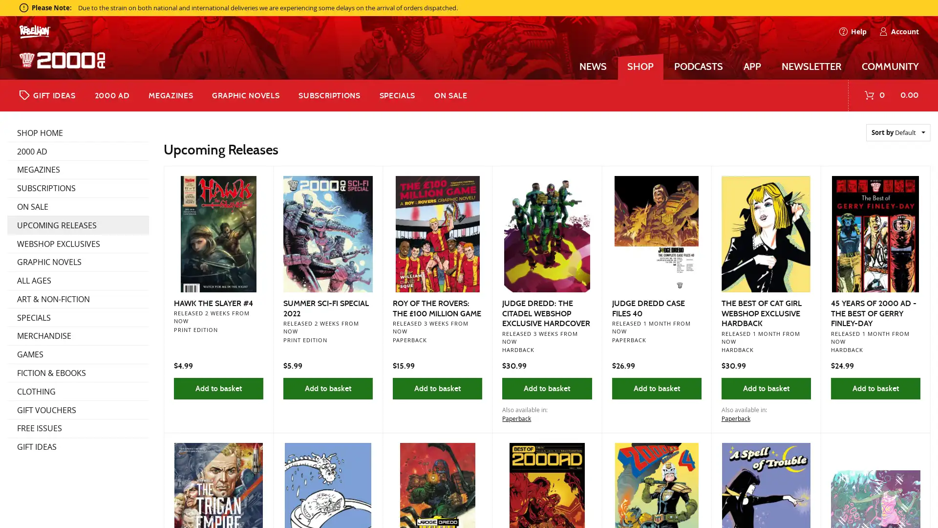 The image size is (938, 528). Describe the element at coordinates (656, 388) in the screenshot. I see `Add to basket` at that location.